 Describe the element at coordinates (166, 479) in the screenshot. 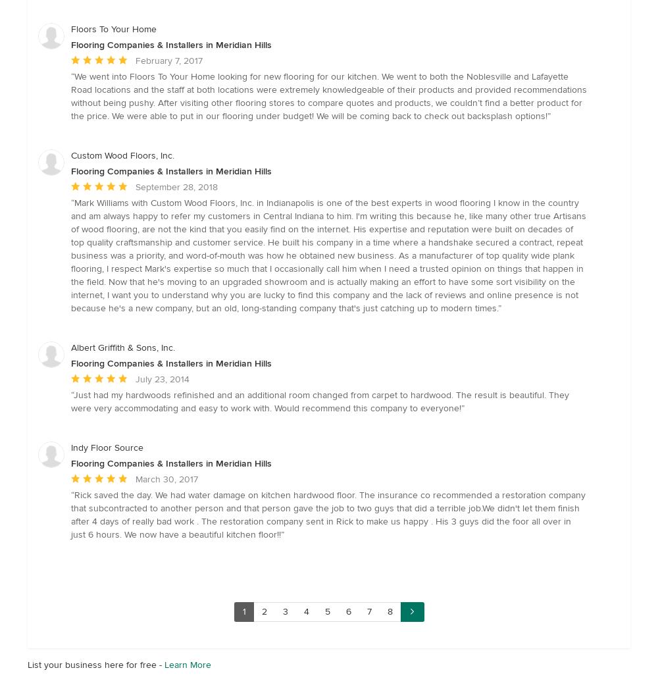

I see `'March 30, 2017'` at that location.